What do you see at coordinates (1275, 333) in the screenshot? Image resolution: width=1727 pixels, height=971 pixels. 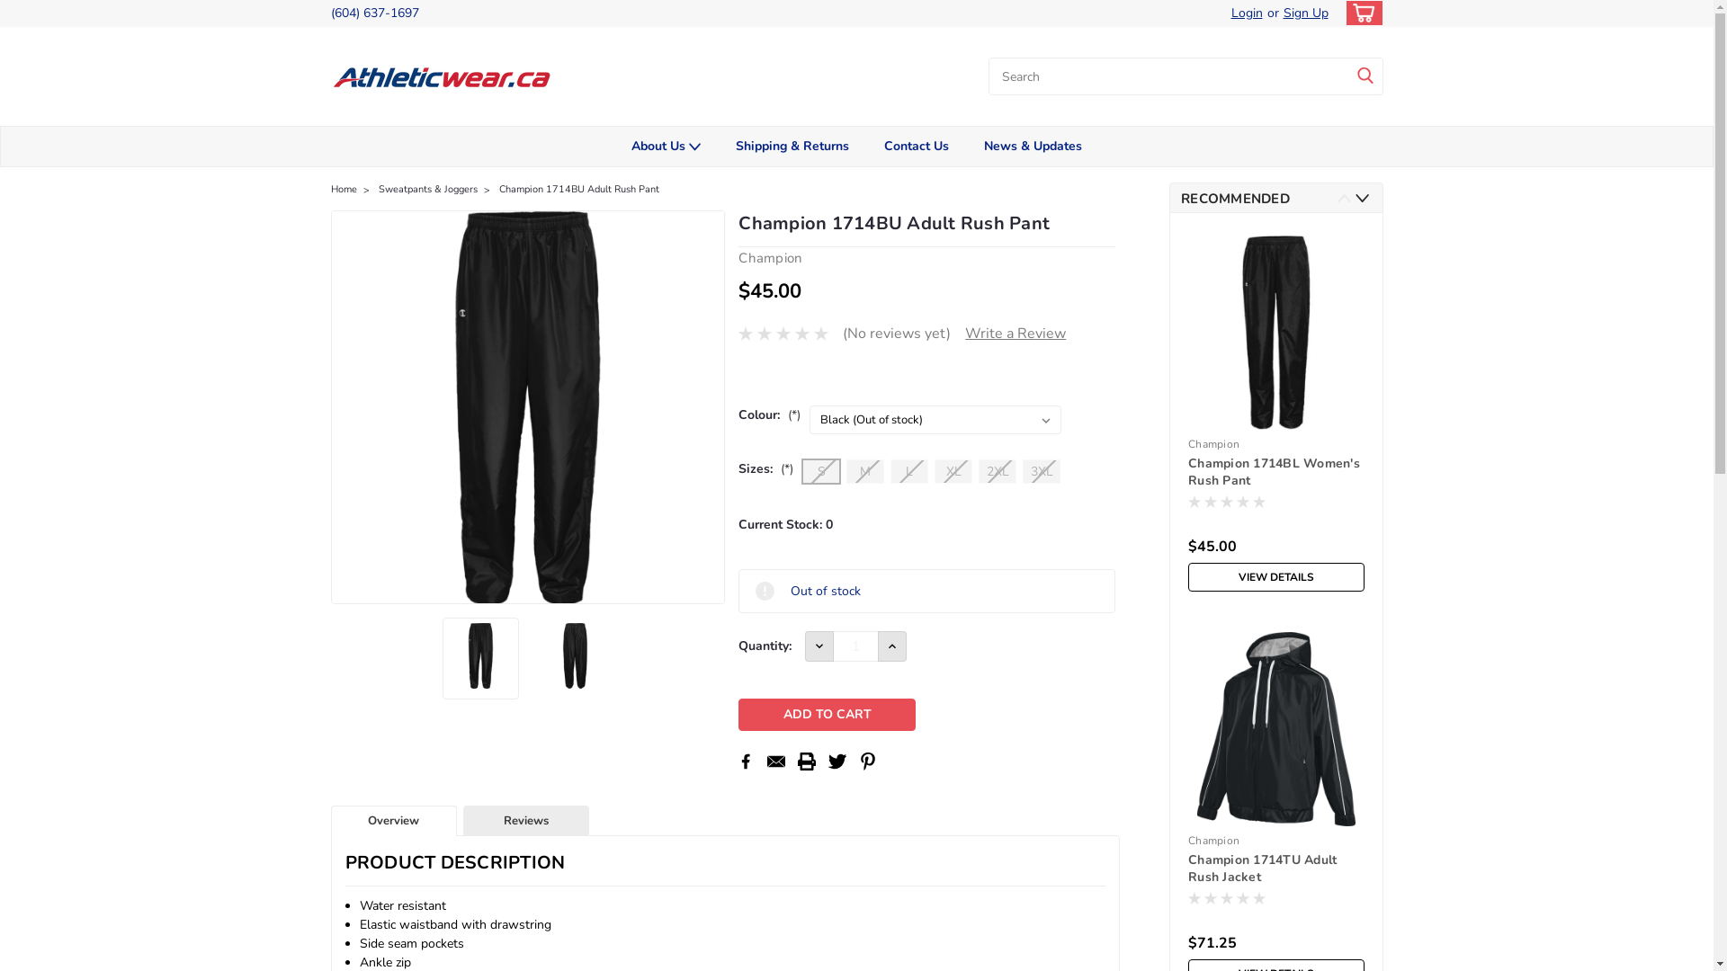 I see `'Black - 1714BL Women's Rush Pant | Athleticwear.ca'` at bounding box center [1275, 333].